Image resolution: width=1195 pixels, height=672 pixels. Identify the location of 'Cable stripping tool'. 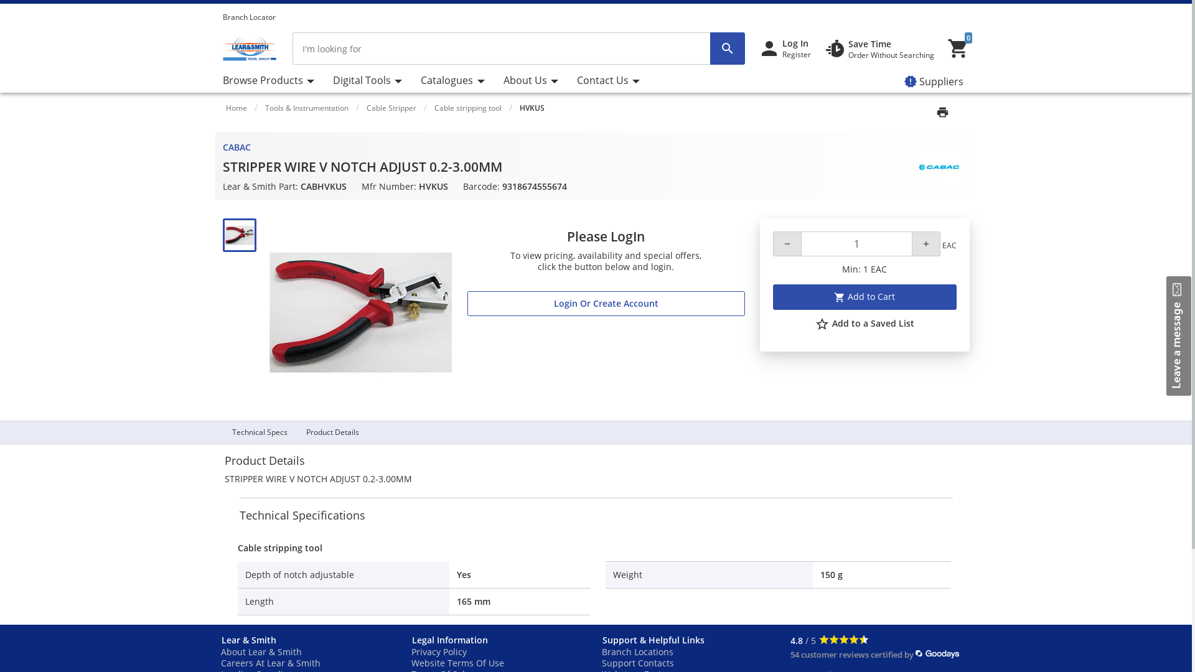
(434, 107).